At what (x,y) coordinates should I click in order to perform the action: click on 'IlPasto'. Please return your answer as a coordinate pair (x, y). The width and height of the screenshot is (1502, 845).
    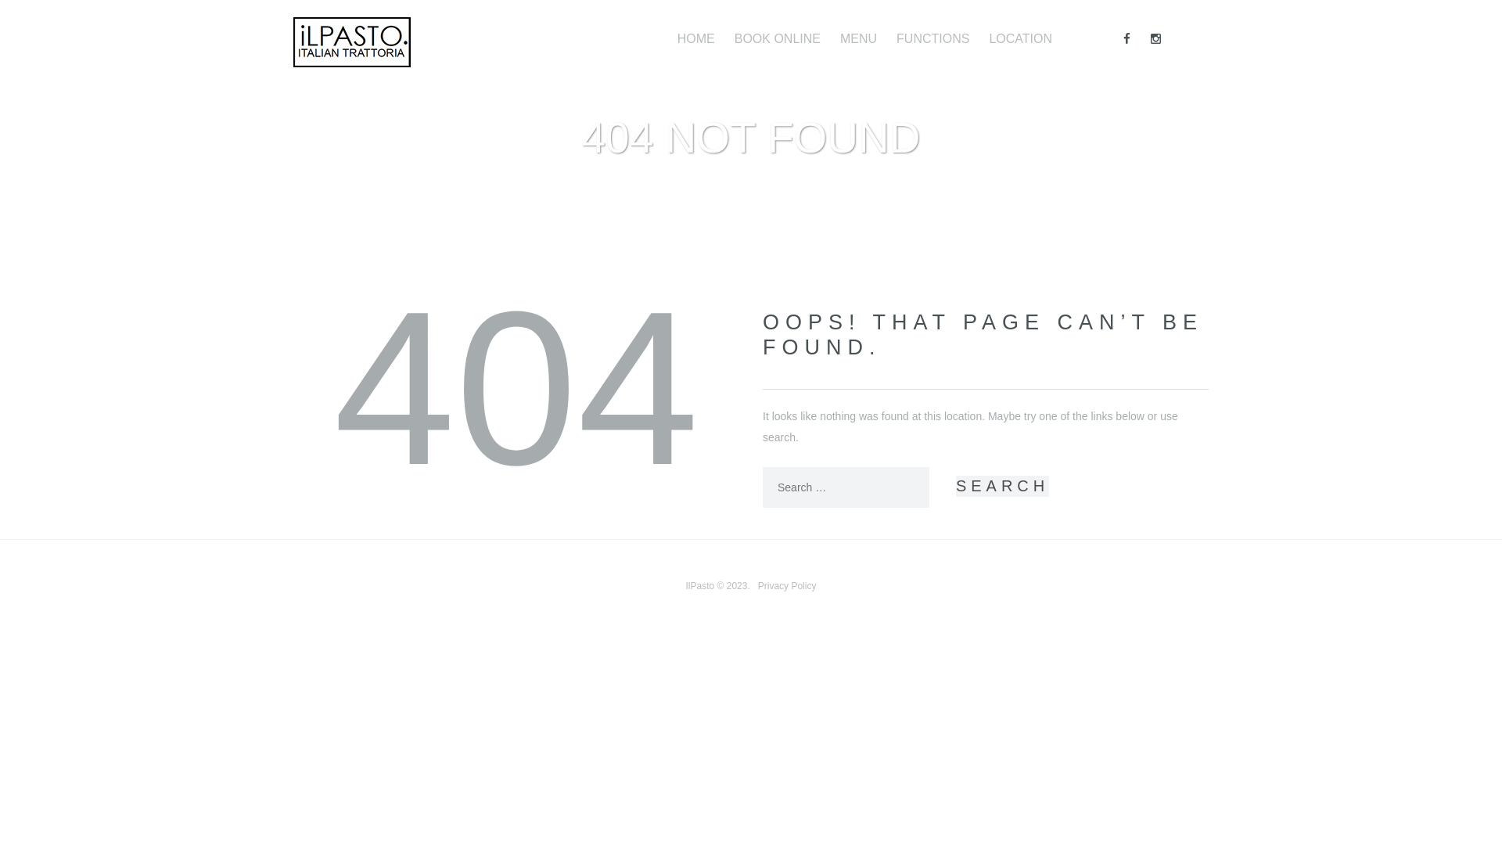
    Looking at the image, I should click on (686, 585).